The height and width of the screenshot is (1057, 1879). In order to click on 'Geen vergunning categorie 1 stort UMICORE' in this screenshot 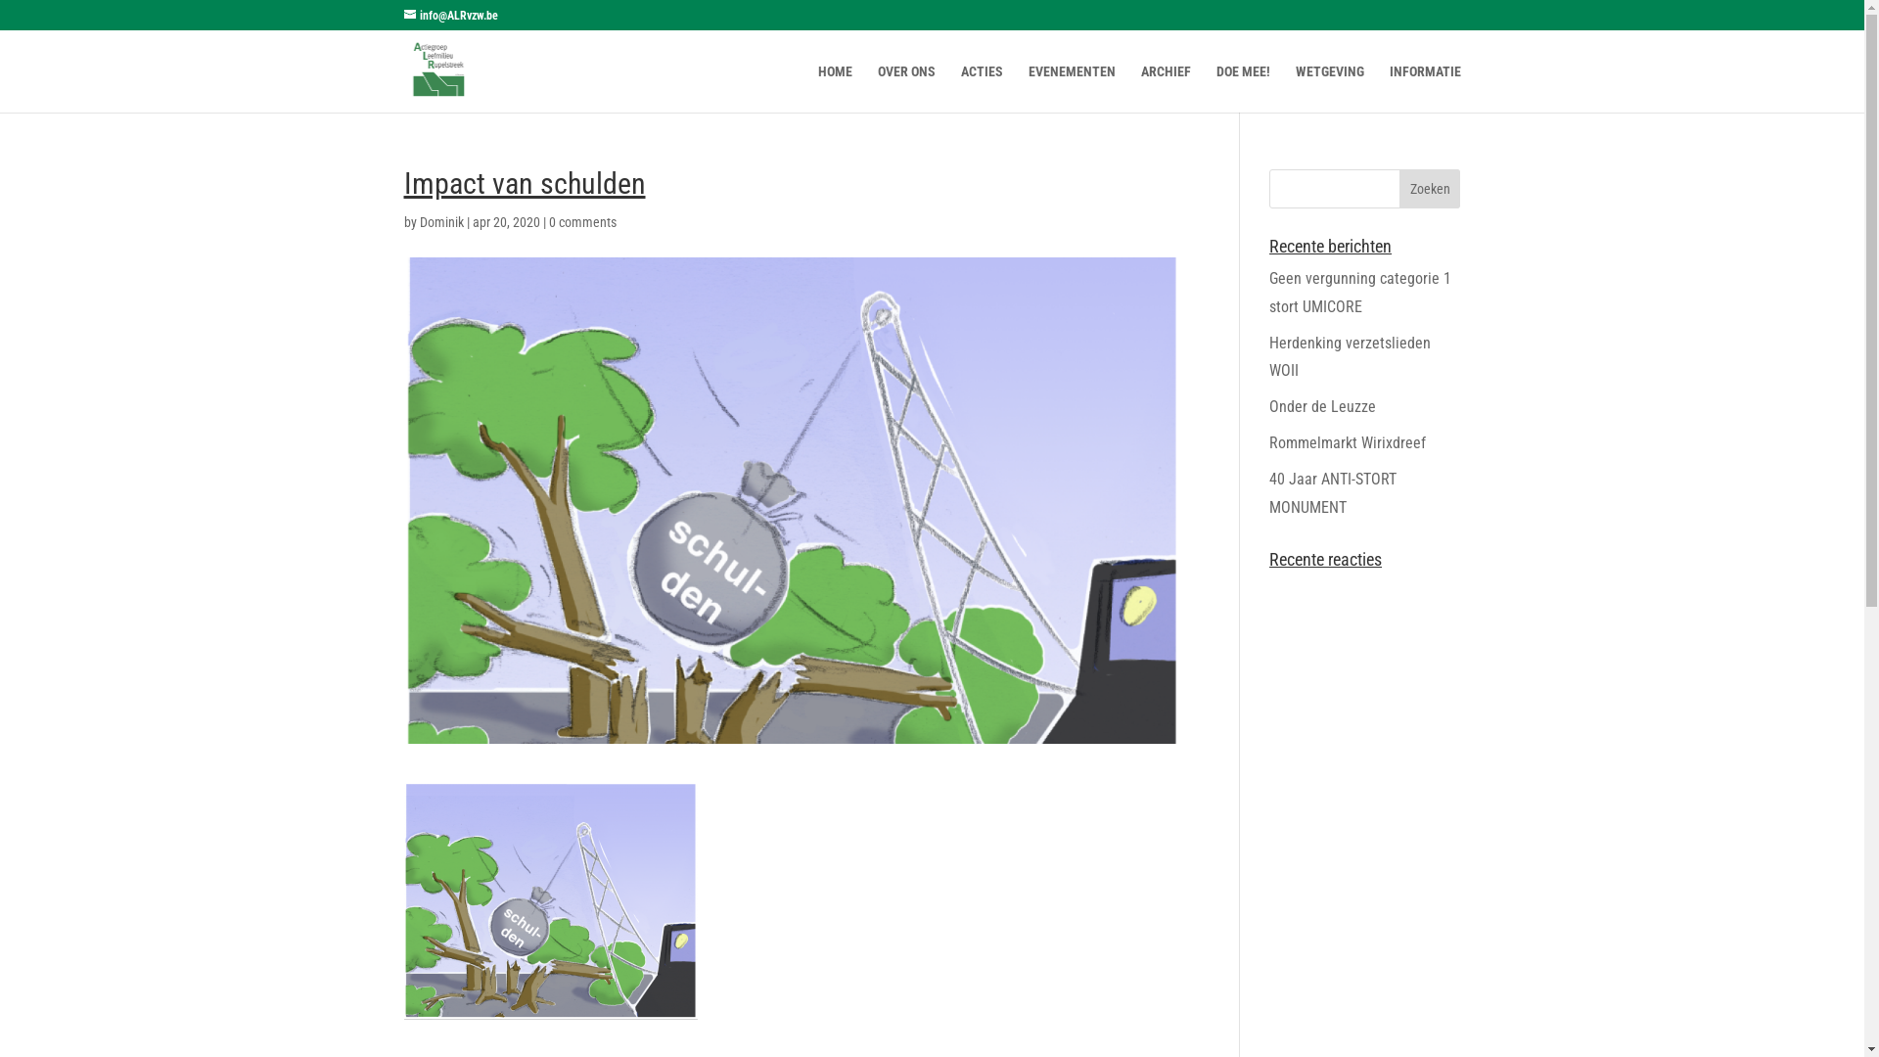, I will do `click(1359, 293)`.